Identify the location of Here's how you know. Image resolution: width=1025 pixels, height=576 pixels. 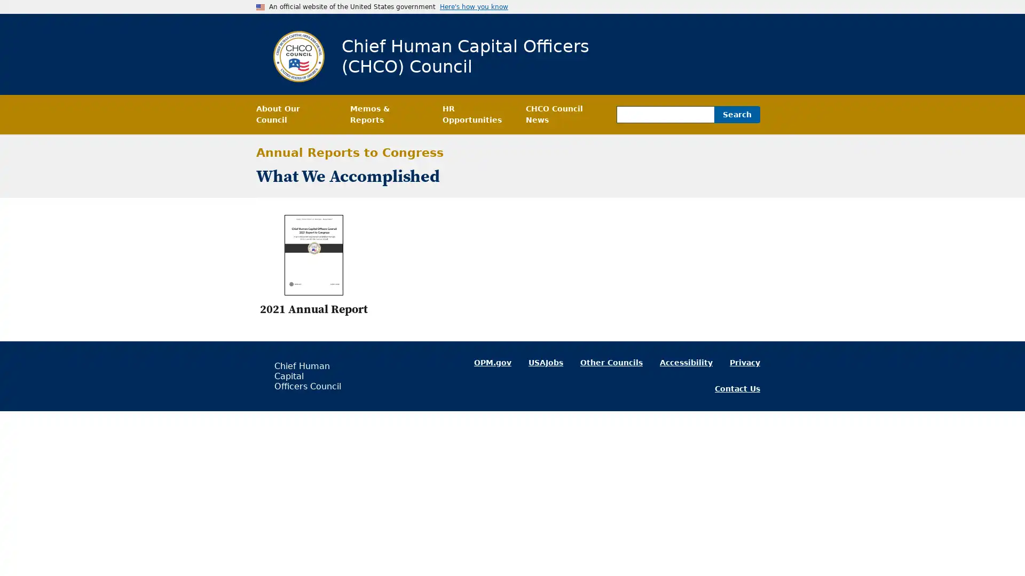
(474, 6).